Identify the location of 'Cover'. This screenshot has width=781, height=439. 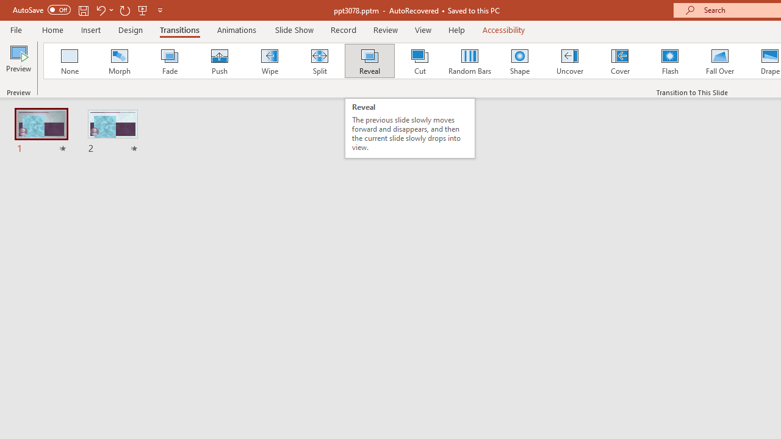
(620, 61).